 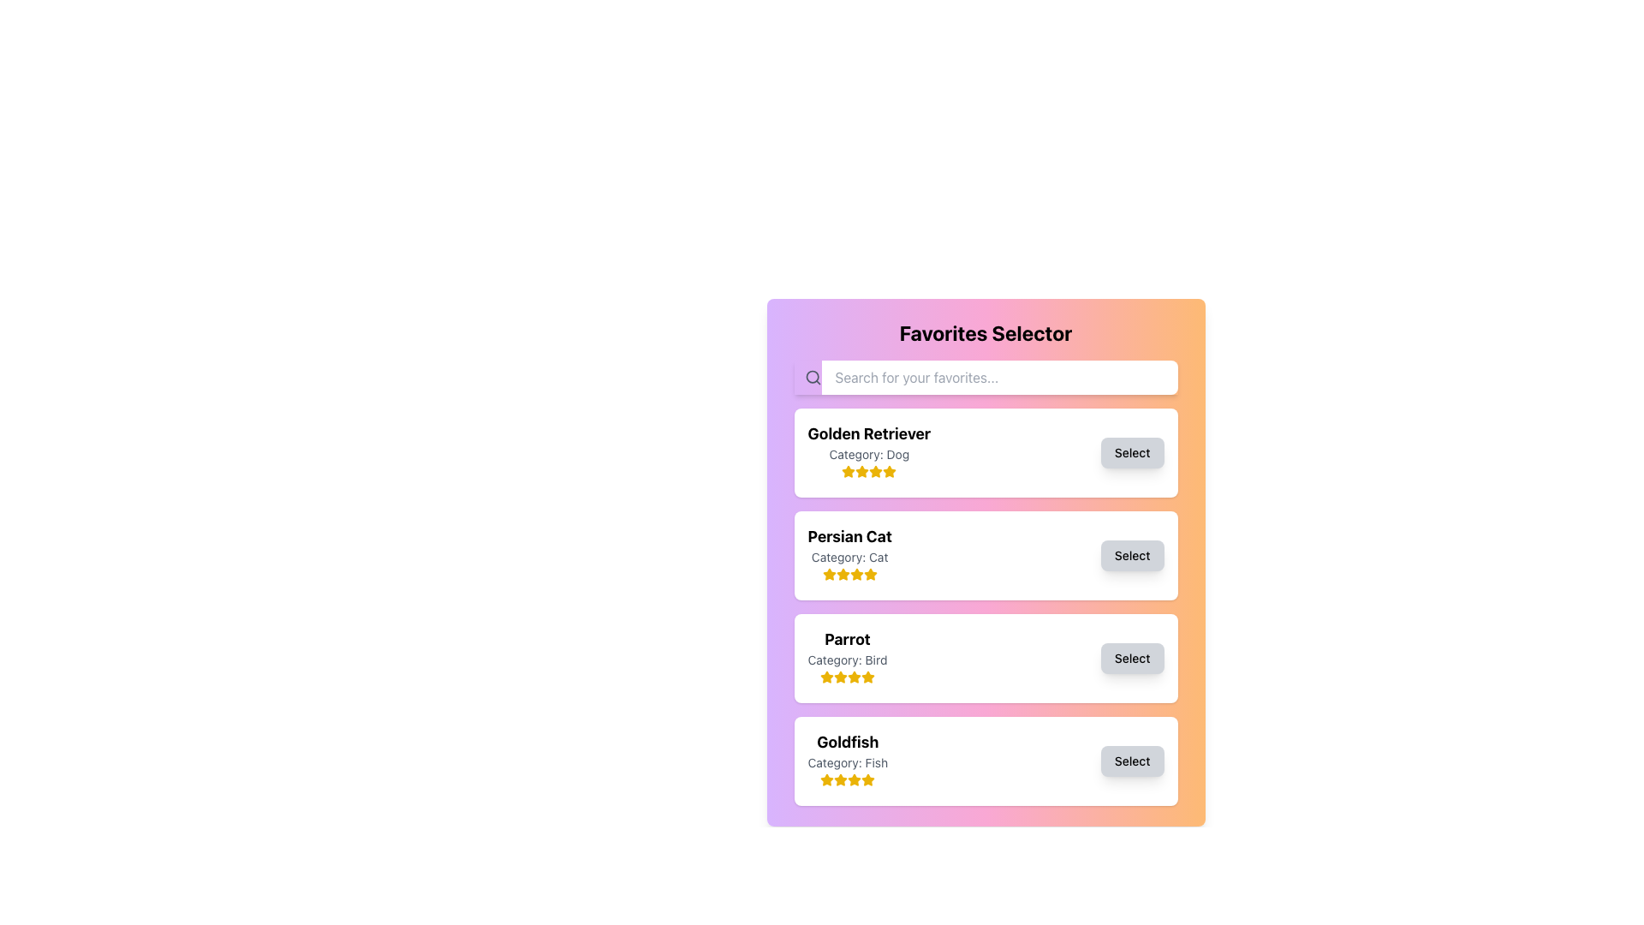 What do you see at coordinates (840, 676) in the screenshot?
I see `the third filled star icon in the rating system under the 'Parrot' entry` at bounding box center [840, 676].